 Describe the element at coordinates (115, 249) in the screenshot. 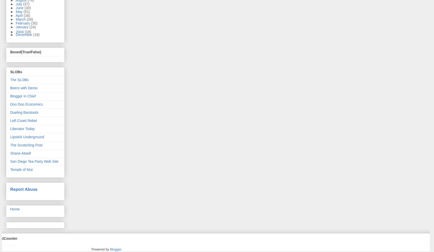

I see `'Blogger'` at that location.